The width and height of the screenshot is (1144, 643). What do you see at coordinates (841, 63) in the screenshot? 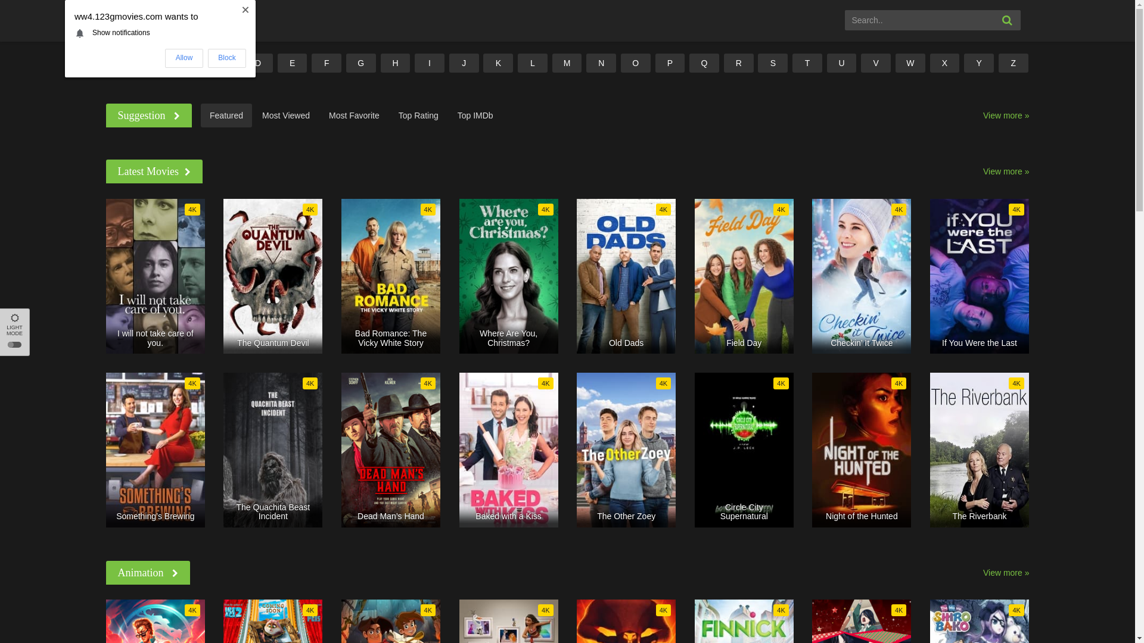
I see `'U'` at bounding box center [841, 63].